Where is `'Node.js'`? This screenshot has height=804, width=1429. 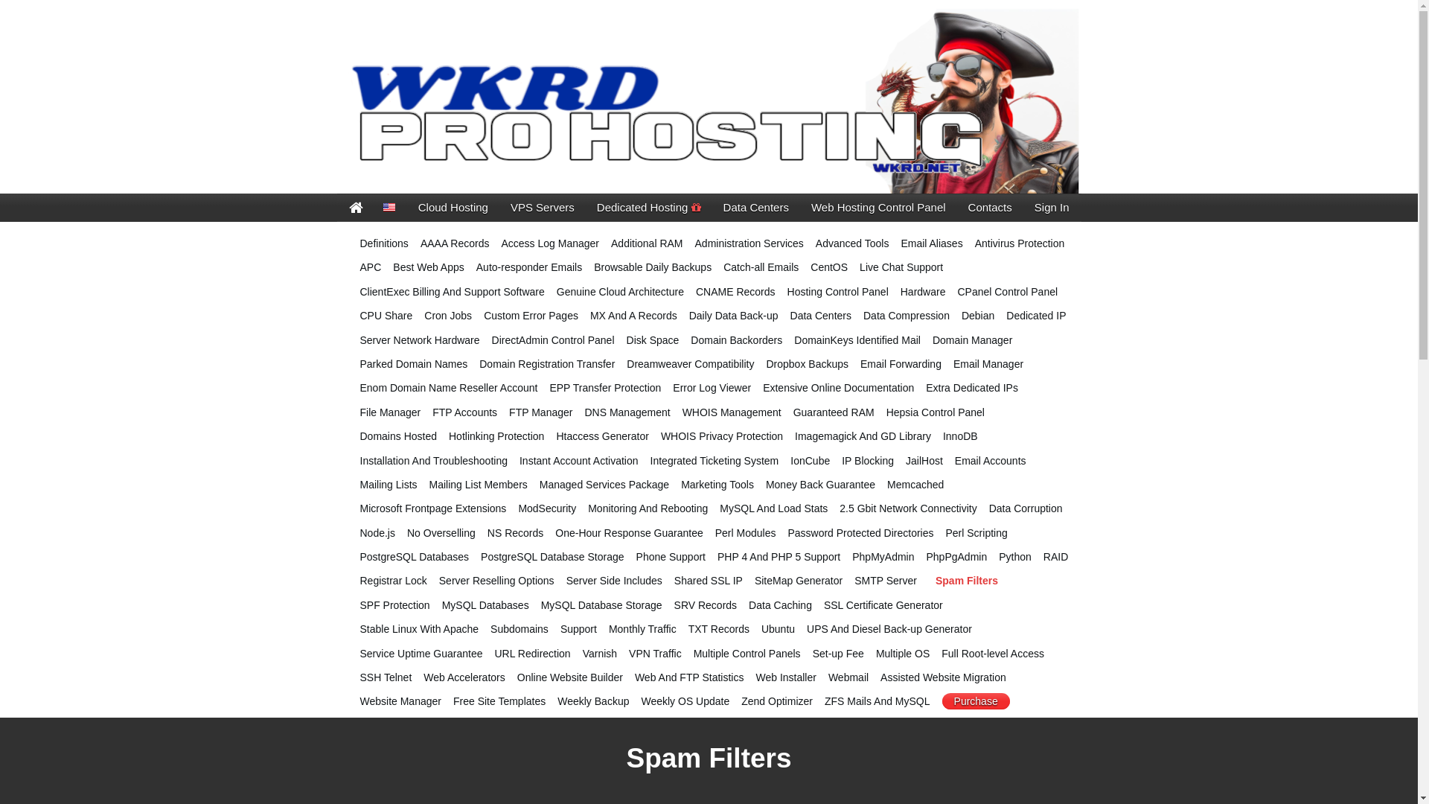
'Node.js' is located at coordinates (377, 532).